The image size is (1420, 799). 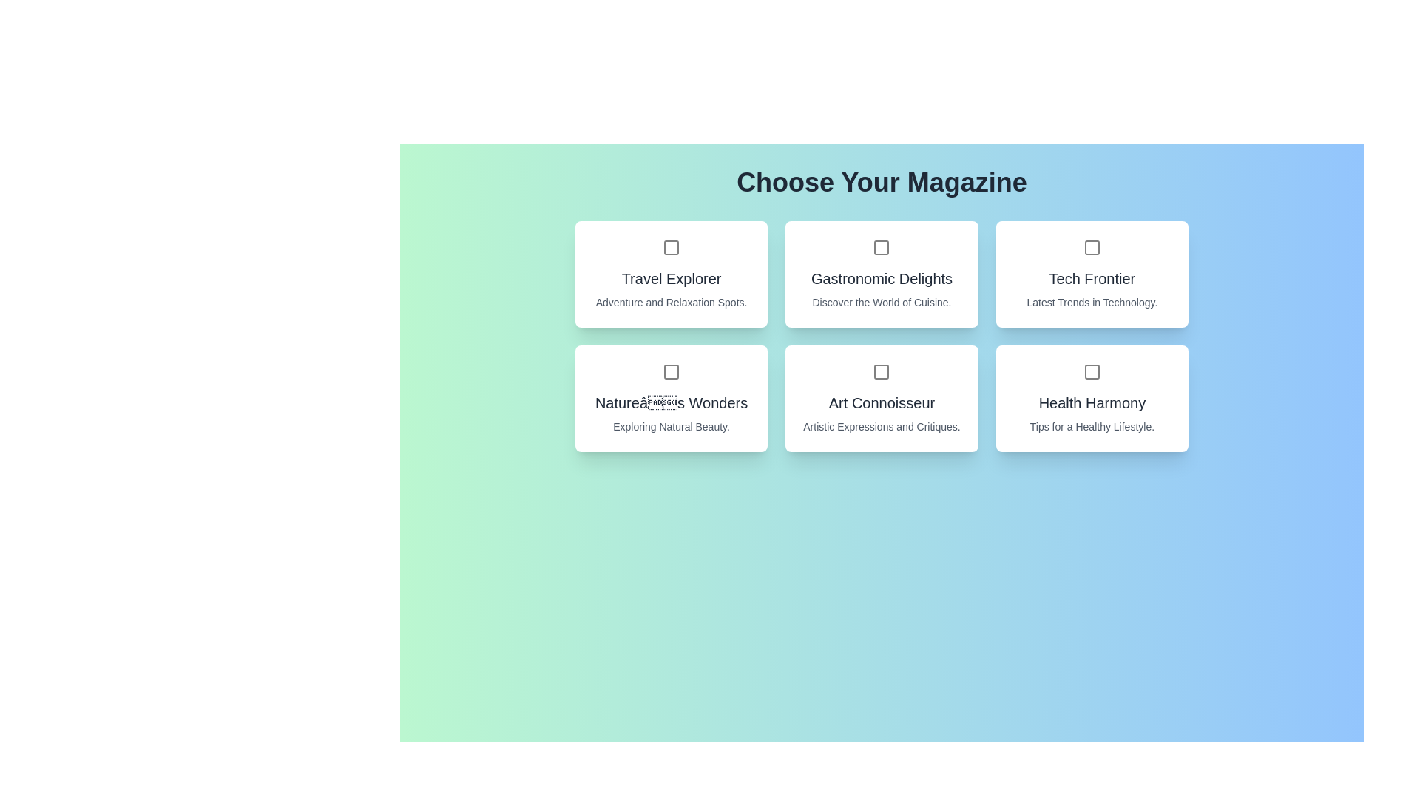 I want to click on the magazine card for Travel Explorer, so click(x=670, y=274).